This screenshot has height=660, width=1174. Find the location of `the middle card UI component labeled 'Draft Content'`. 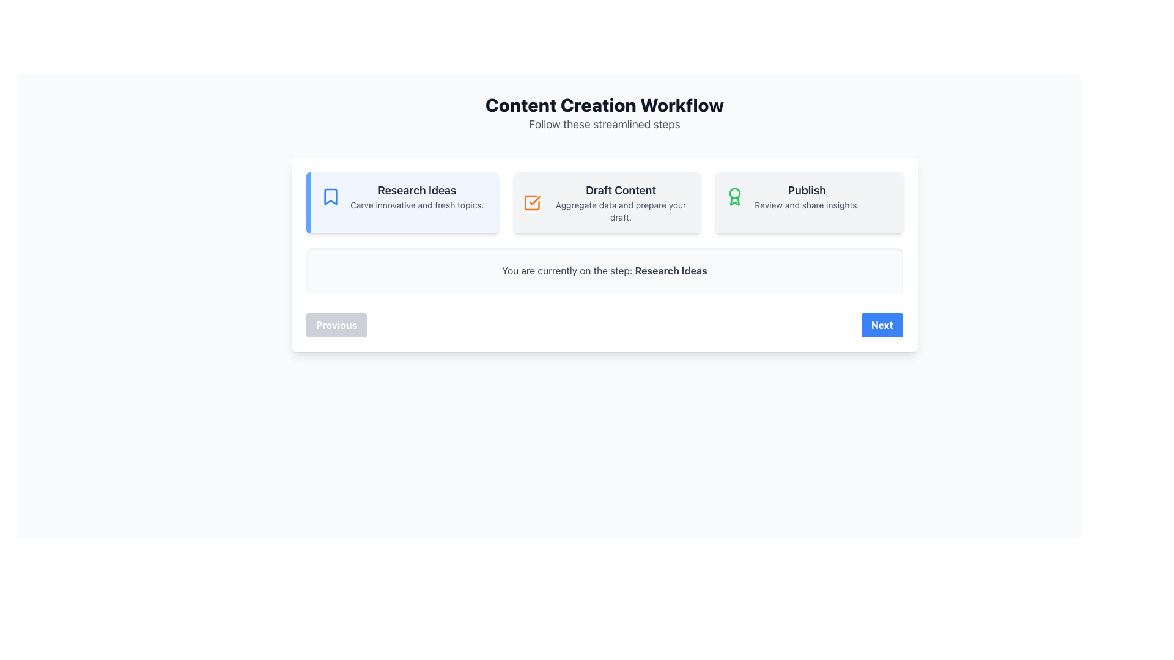

the middle card UI component labeled 'Draft Content' is located at coordinates (607, 202).